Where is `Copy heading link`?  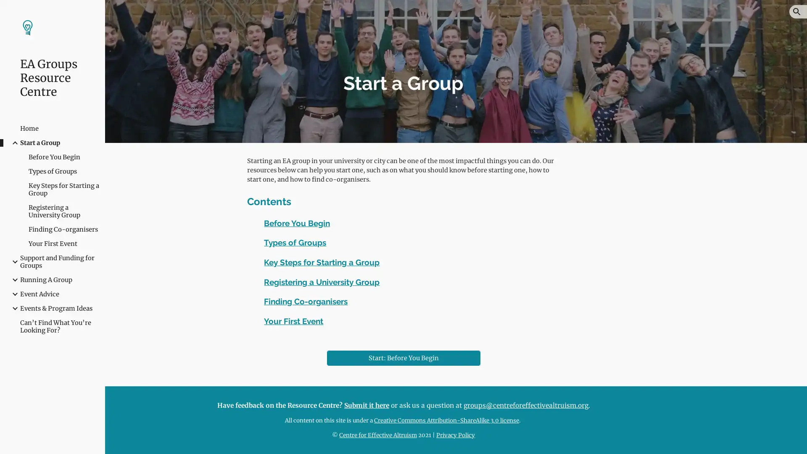
Copy heading link is located at coordinates (441, 261).